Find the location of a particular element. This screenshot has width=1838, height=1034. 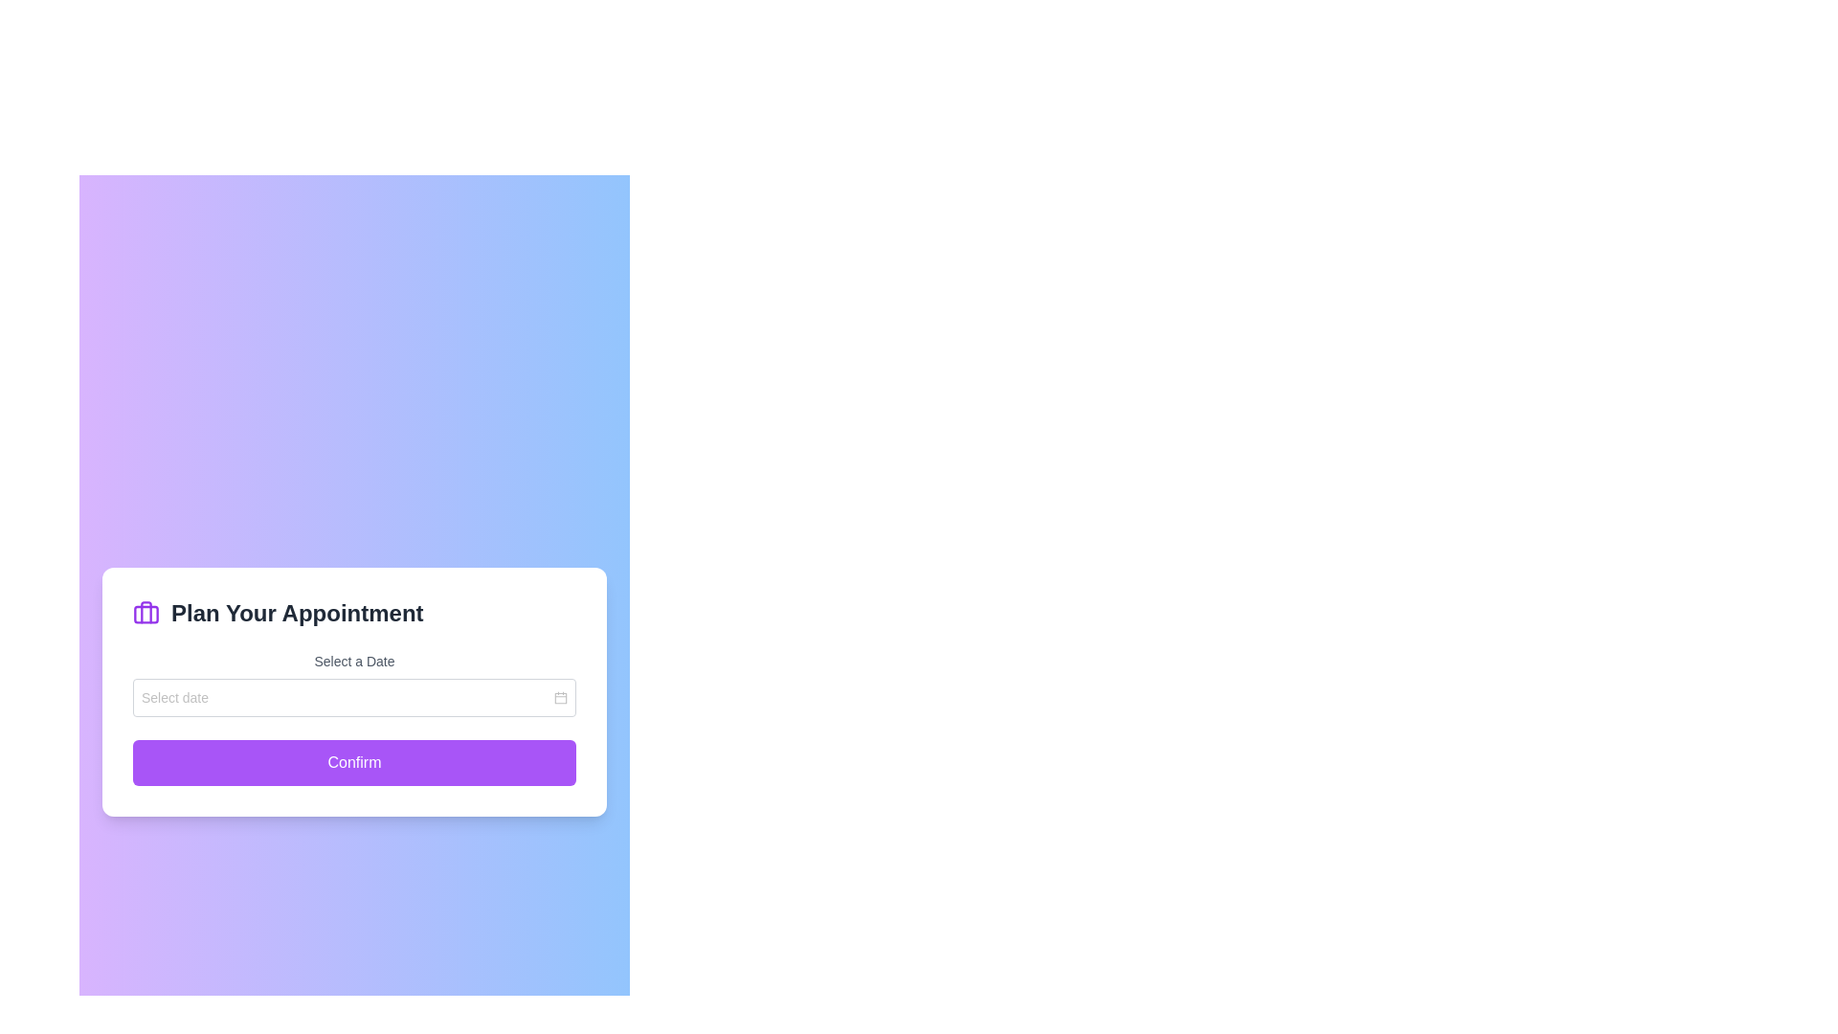

the Header element that serves as a title for the section, located at the top of the card above 'Select a Date' and 'Confirm' is located at coordinates (354, 613).